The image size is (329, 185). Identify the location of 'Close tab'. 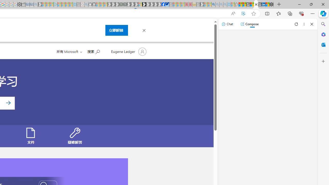
(256, 4).